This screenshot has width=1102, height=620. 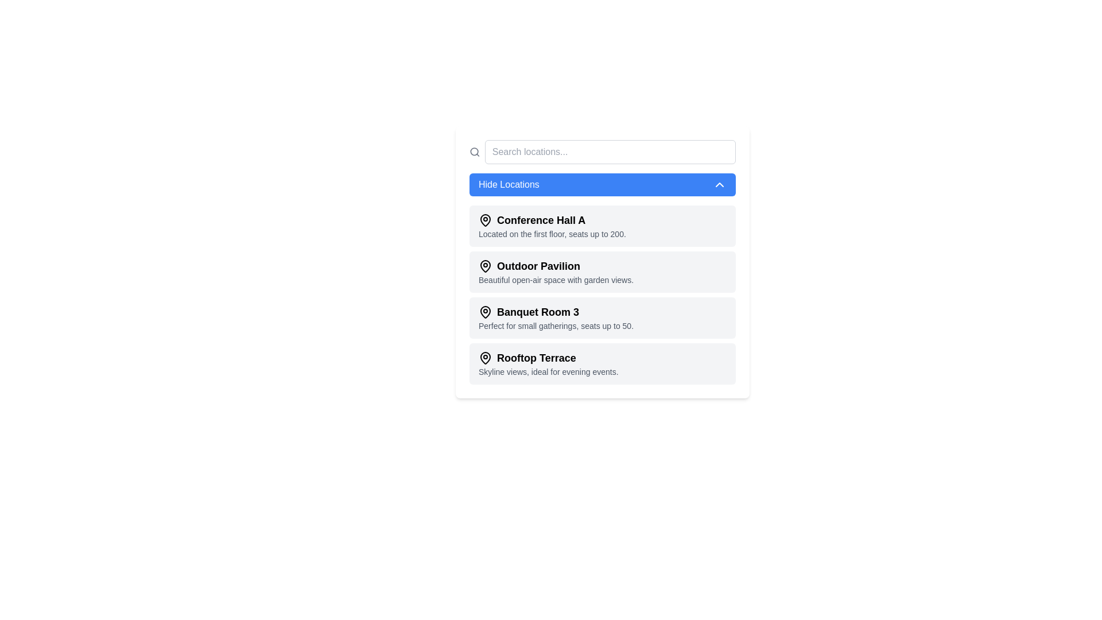 What do you see at coordinates (485, 265) in the screenshot?
I see `the pin-shaped icon, which is black and outlined, located to the left of the text 'Outdoor Pavilion.'` at bounding box center [485, 265].